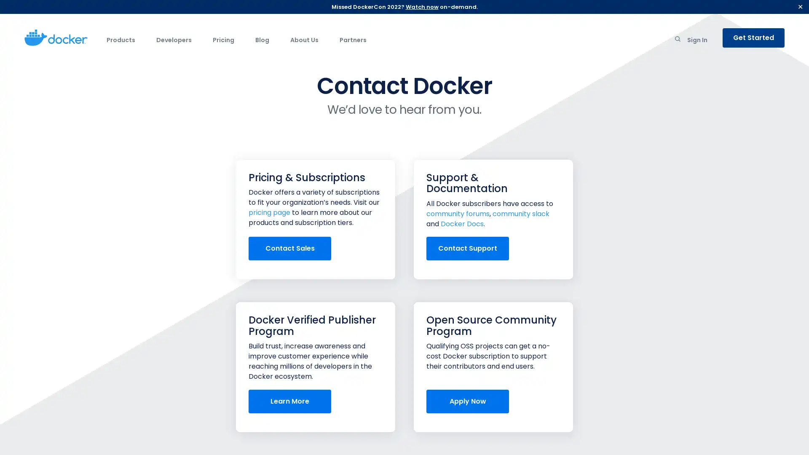  Describe the element at coordinates (678, 40) in the screenshot. I see `Search` at that location.